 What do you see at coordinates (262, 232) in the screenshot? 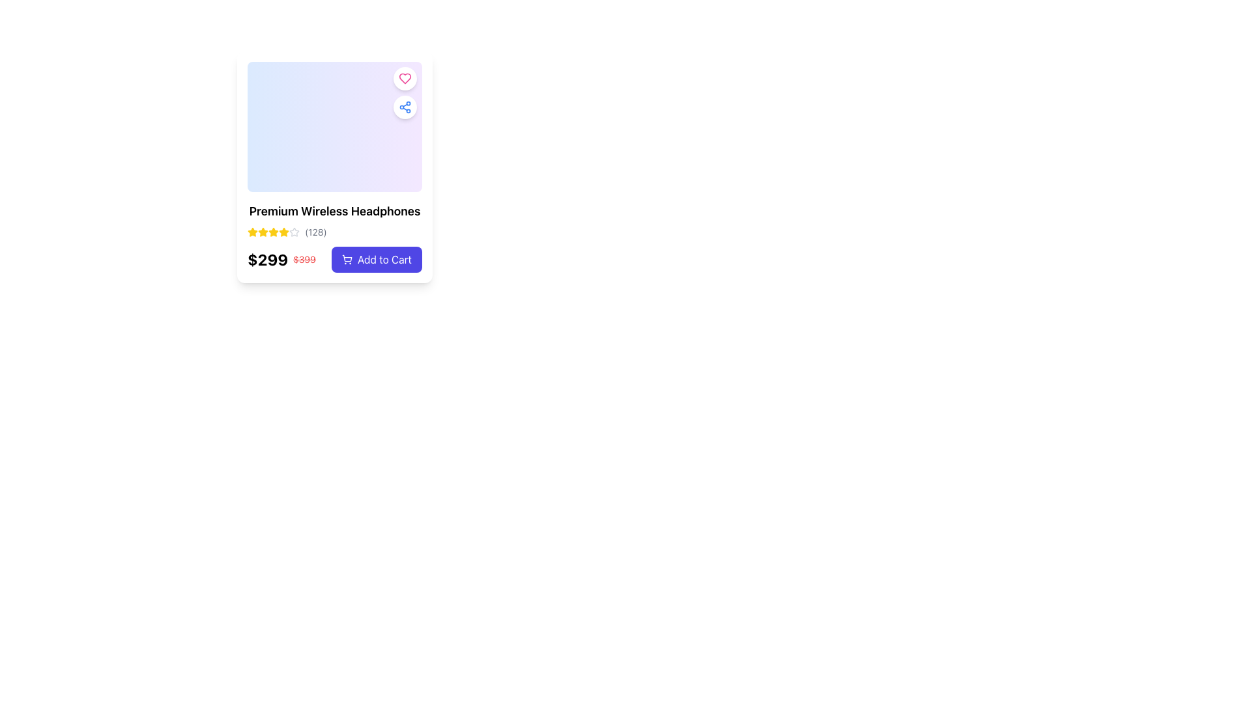
I see `the third star icon in the rating system located below the product title 'Premium Wireless Headphones' and above the price '$299'` at bounding box center [262, 232].